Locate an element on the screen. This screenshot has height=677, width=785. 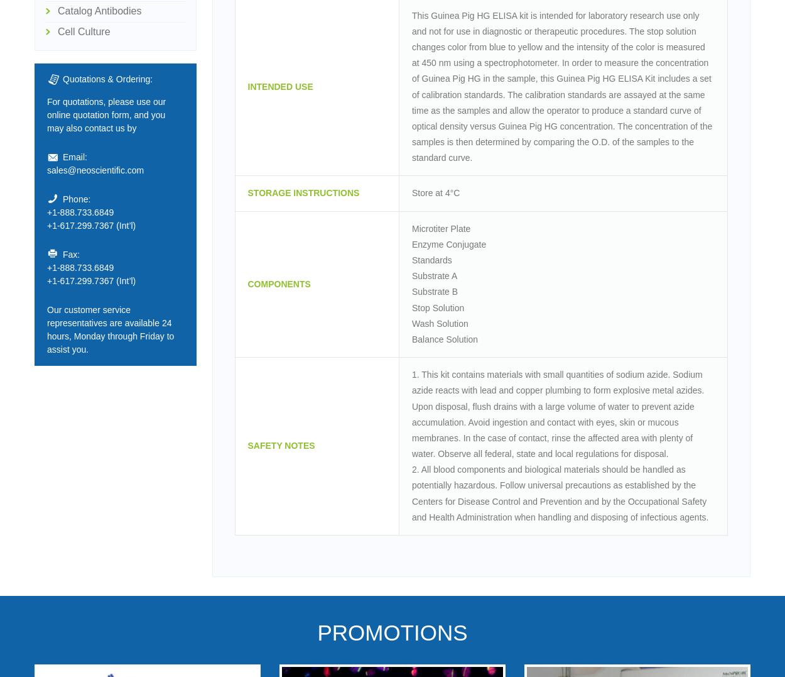
'For quotations, please use our online quotation form, and you may also contact us by' is located at coordinates (46, 114).